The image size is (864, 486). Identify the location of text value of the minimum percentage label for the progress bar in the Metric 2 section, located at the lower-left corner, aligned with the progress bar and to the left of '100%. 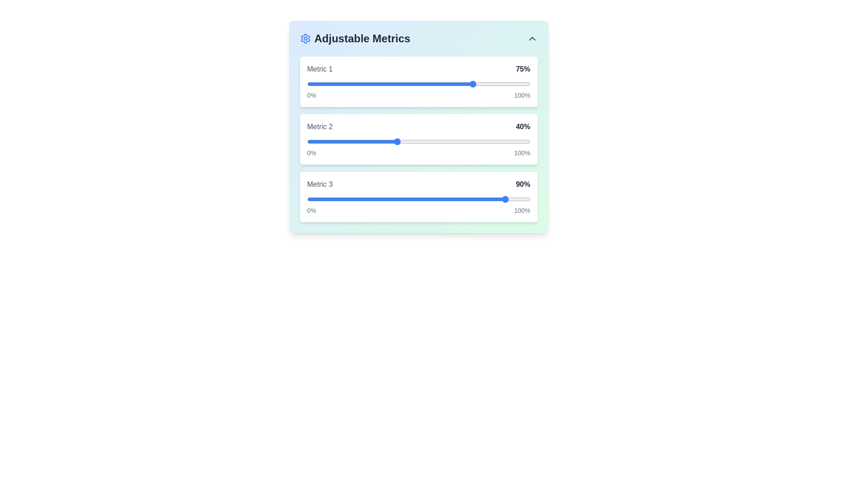
(311, 152).